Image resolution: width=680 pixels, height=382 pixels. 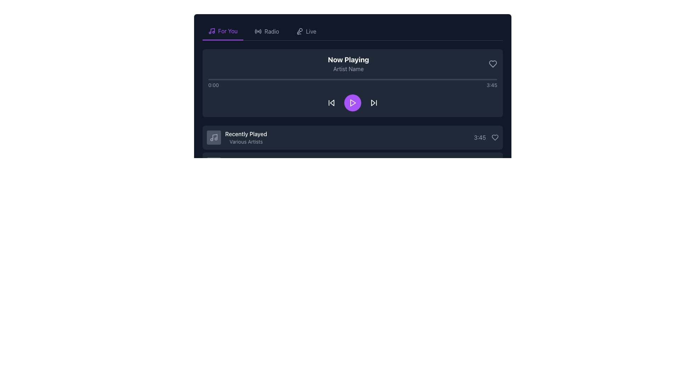 I want to click on the backward skip icon button located to the left of the purple play button in the media player interface, so click(x=331, y=103).